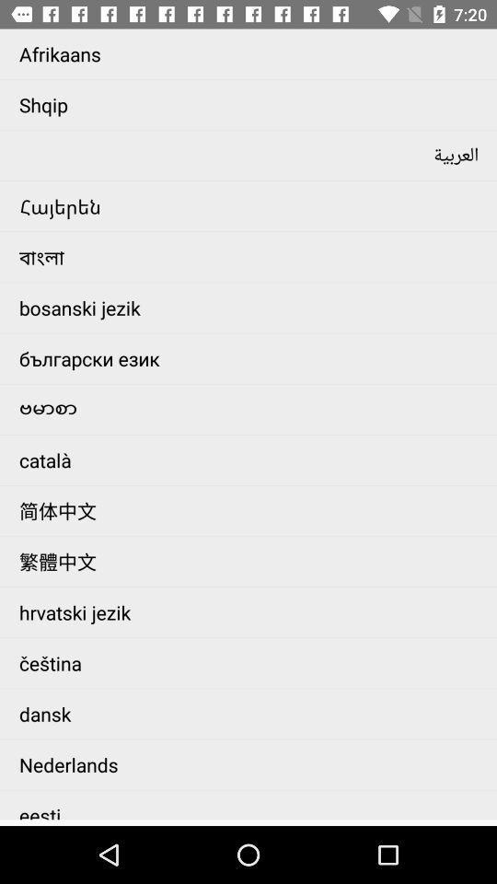 Image resolution: width=497 pixels, height=884 pixels. I want to click on app below nederlands app, so click(252, 804).